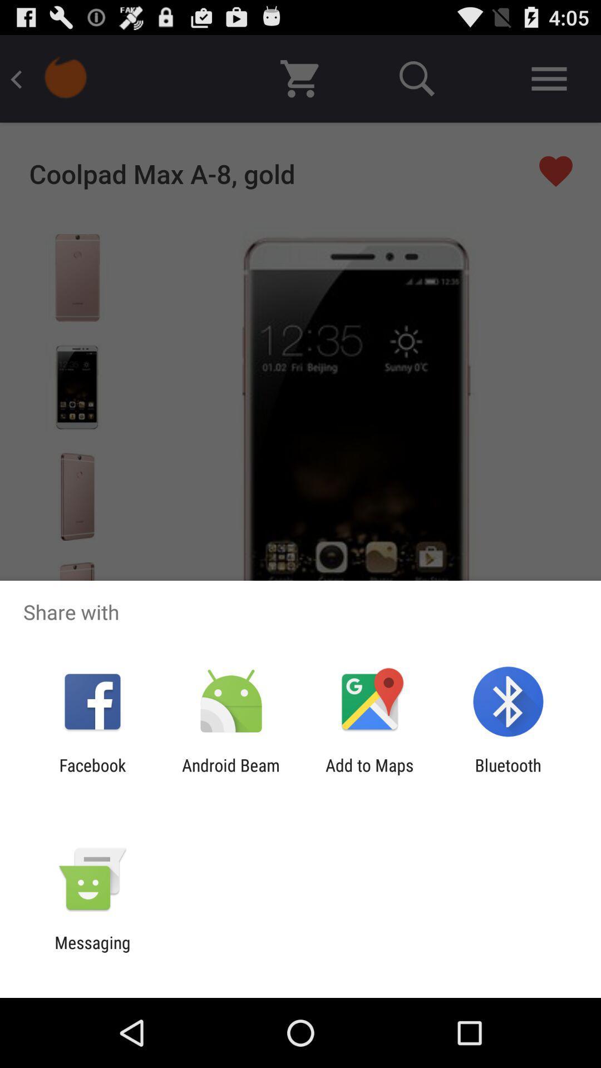  What do you see at coordinates (92, 774) in the screenshot?
I see `the facebook item` at bounding box center [92, 774].